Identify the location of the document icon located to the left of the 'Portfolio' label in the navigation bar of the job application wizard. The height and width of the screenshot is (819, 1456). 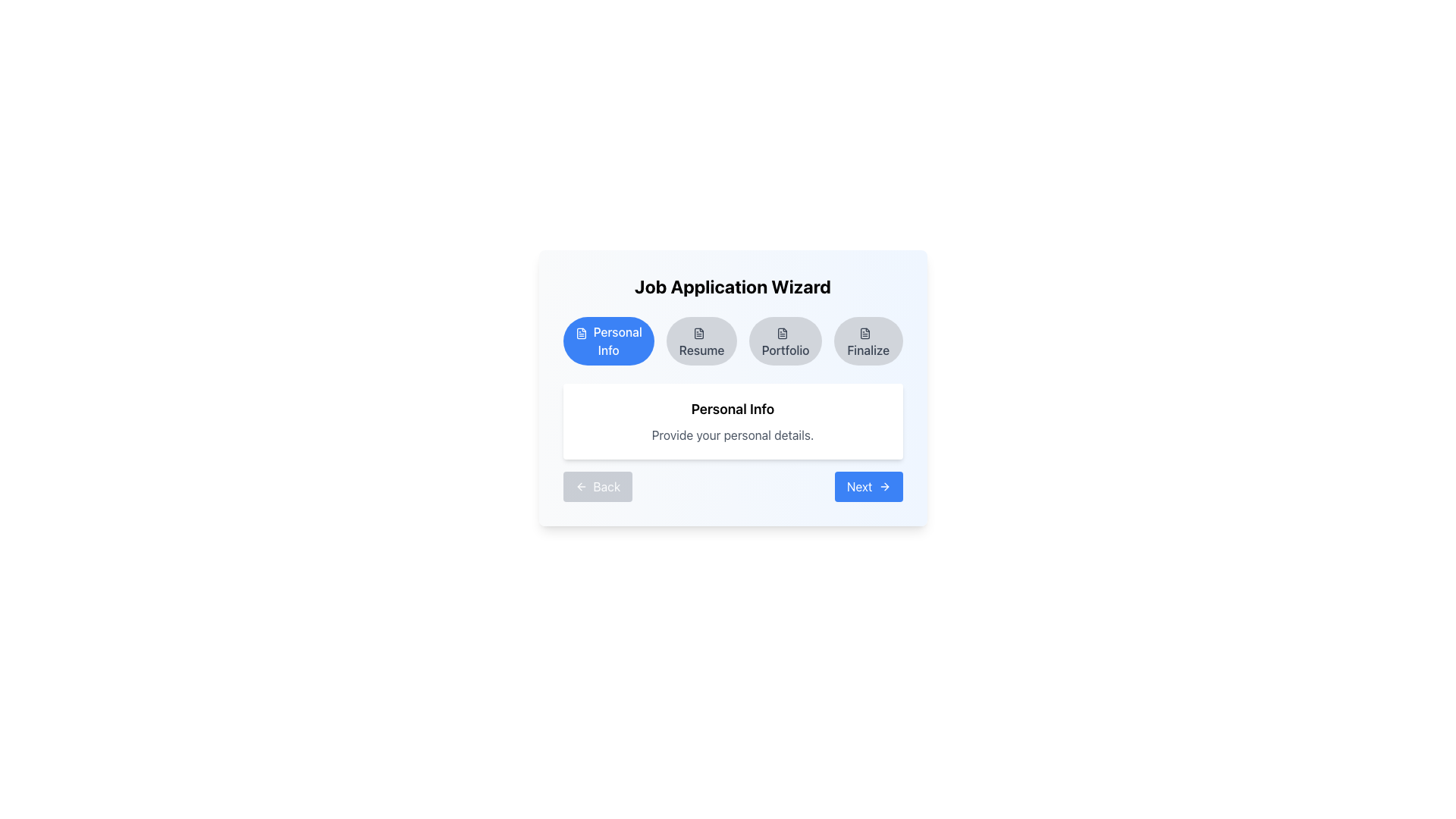
(783, 332).